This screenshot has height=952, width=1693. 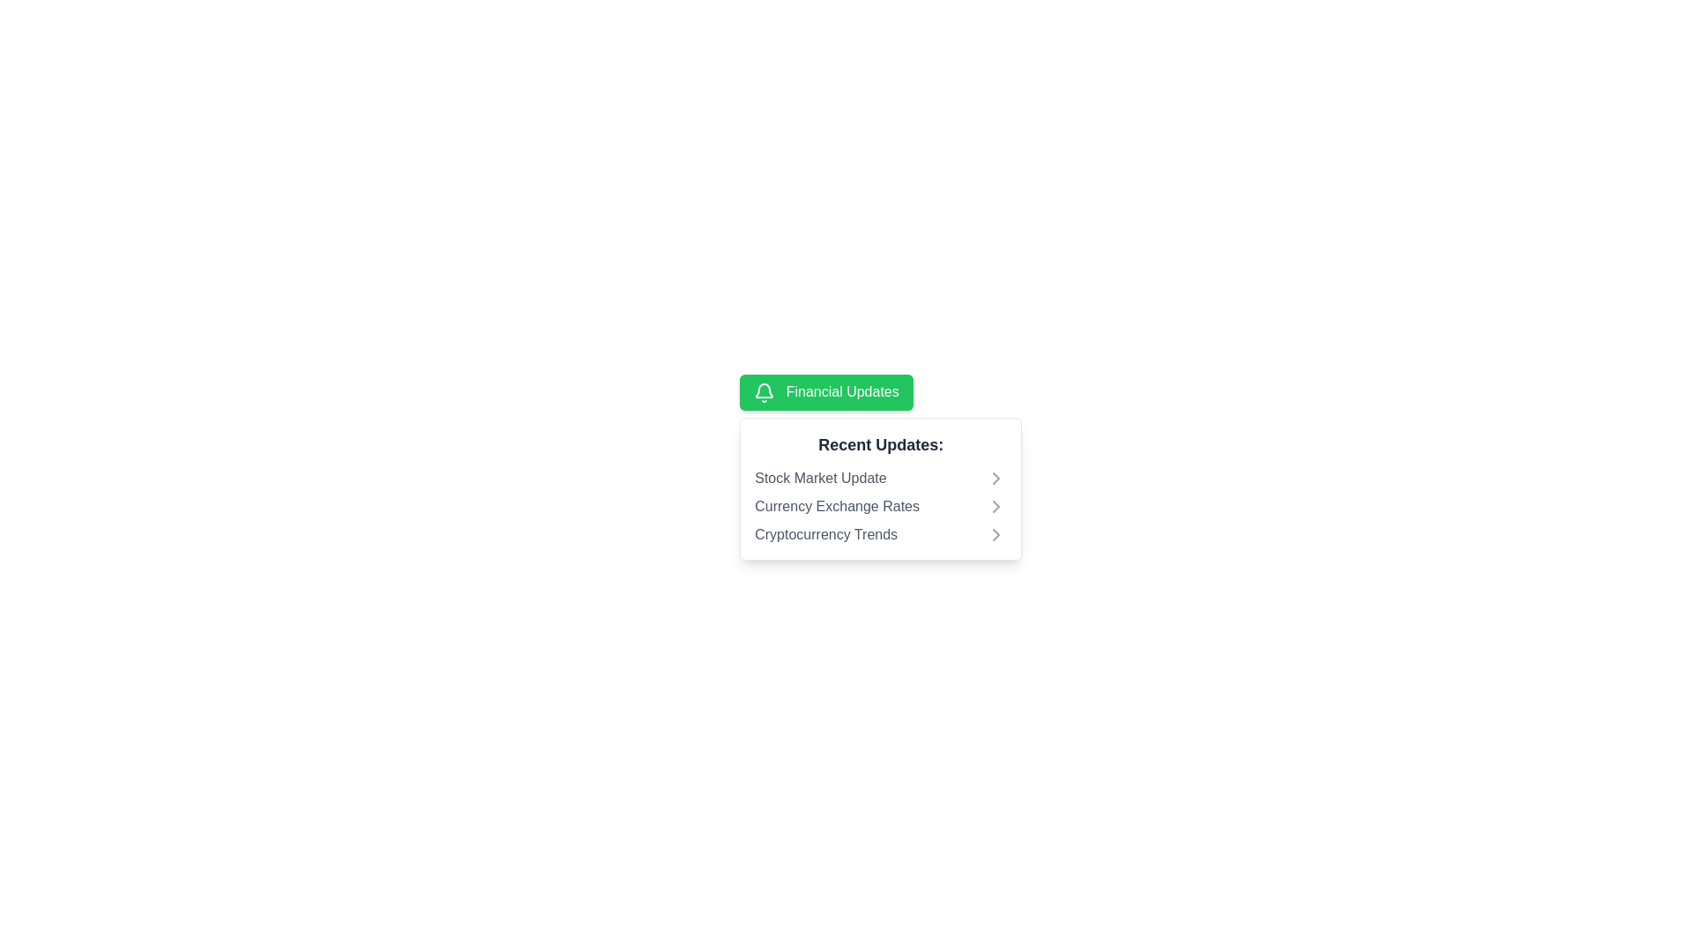 What do you see at coordinates (996, 506) in the screenshot?
I see `the rightward chevron icon next to the 'Currency Exchange Rates' label, which is gray and positioned to the far right of the row` at bounding box center [996, 506].